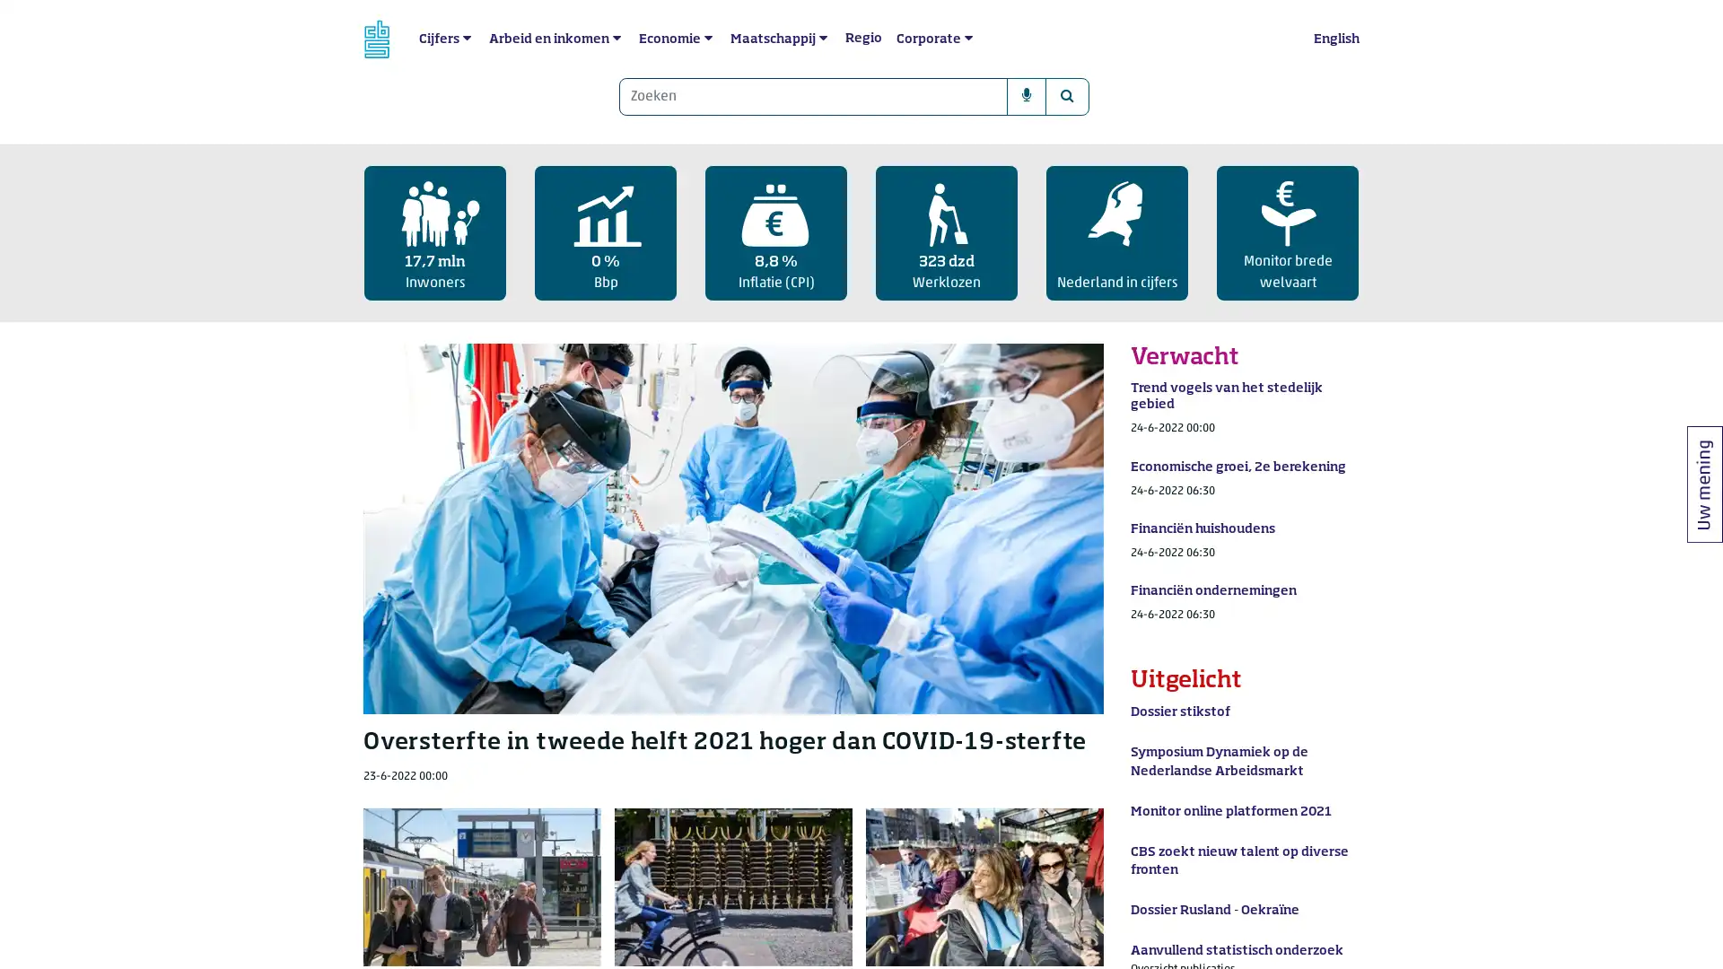  Describe the element at coordinates (822, 38) in the screenshot. I see `submenu Maatschappij` at that location.